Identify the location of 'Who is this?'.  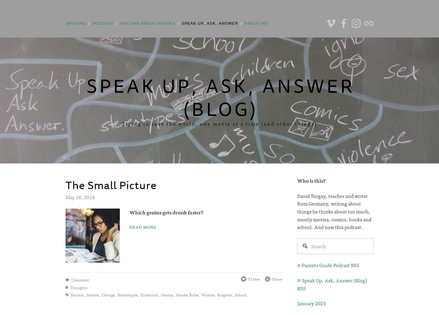
(311, 180).